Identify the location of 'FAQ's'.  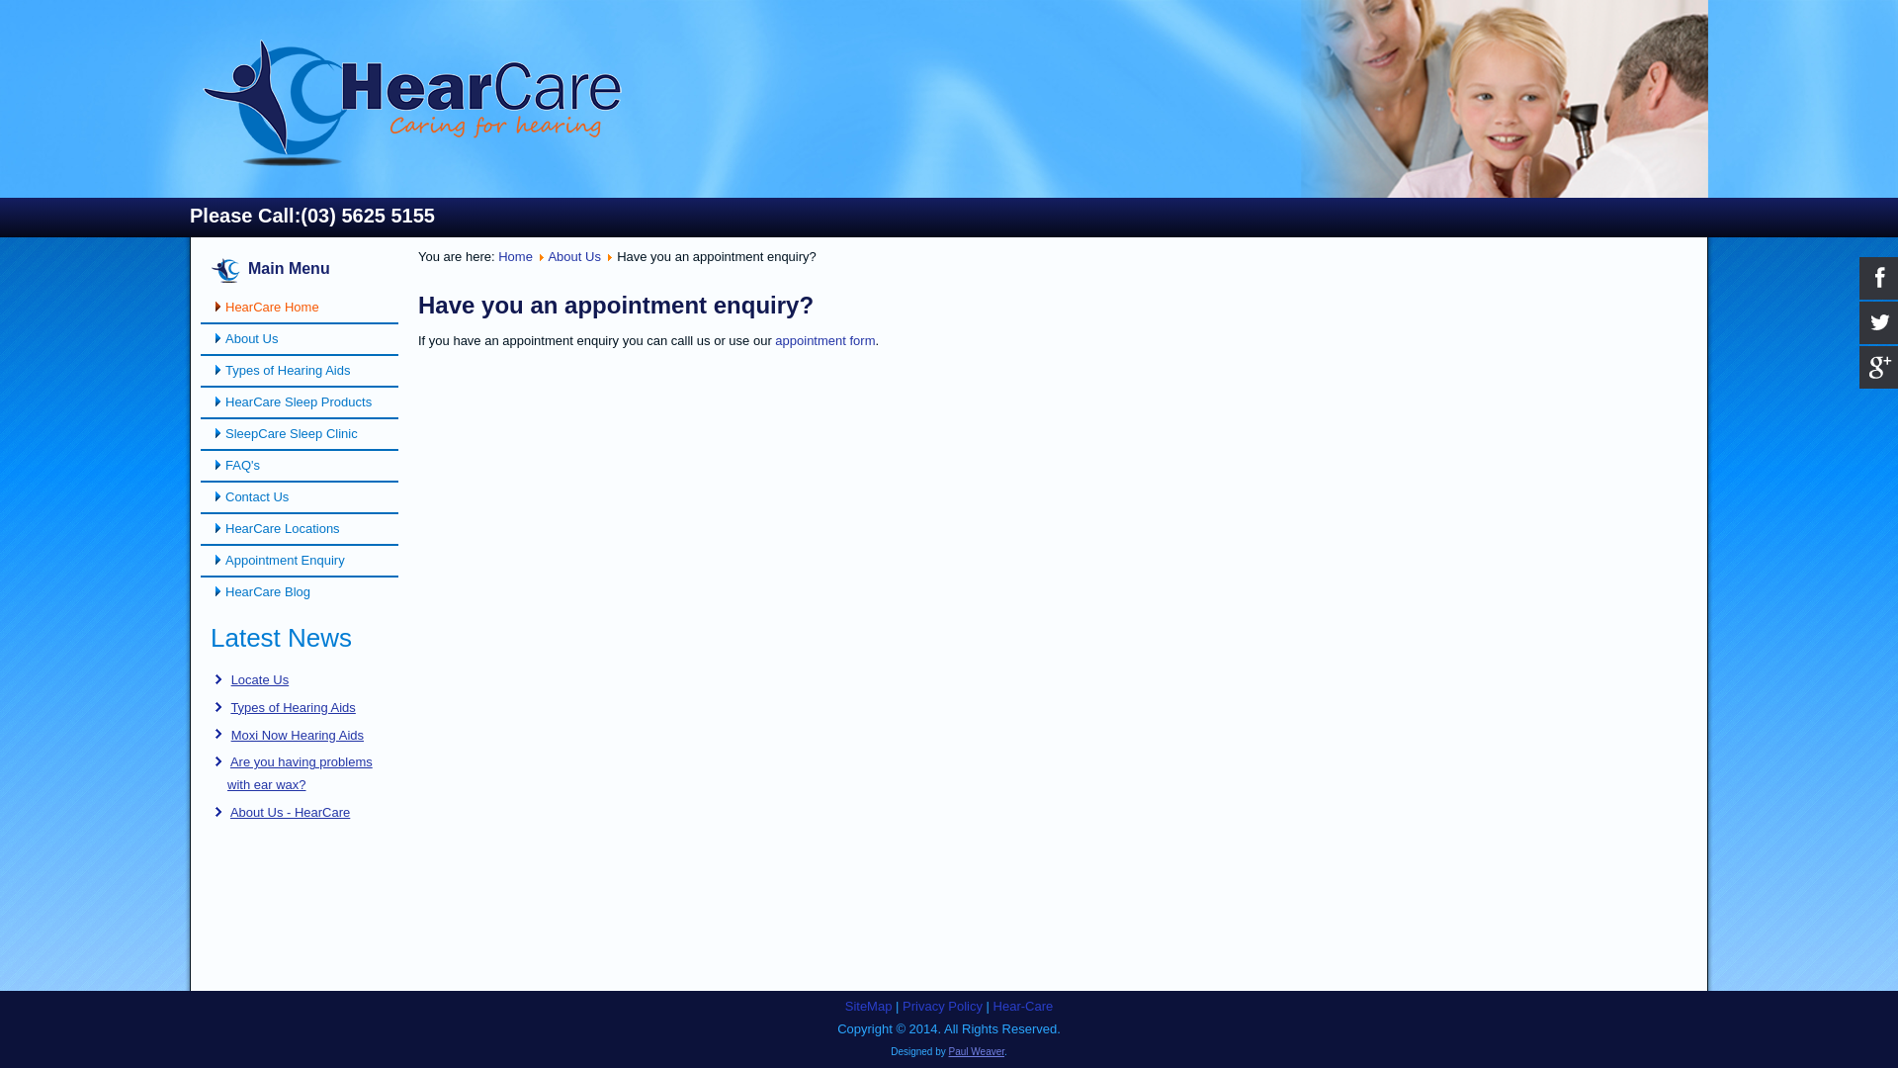
(298, 465).